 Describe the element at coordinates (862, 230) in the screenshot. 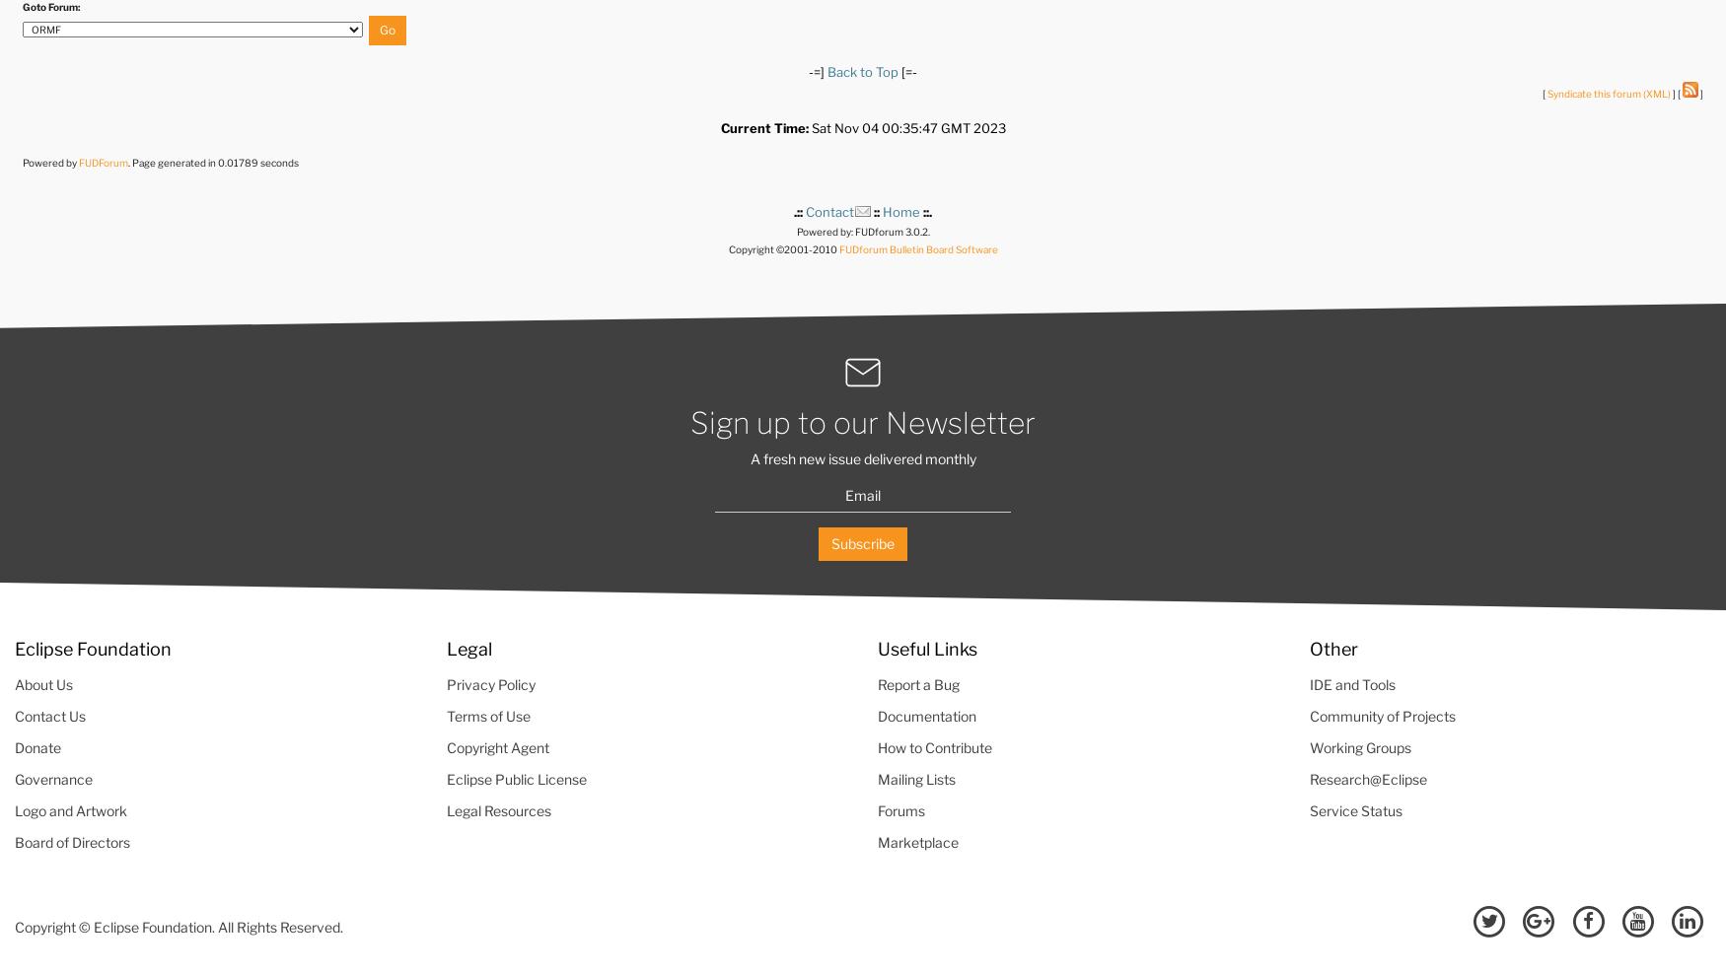

I see `'Powered by: FUDforum 3.0.2.'` at that location.